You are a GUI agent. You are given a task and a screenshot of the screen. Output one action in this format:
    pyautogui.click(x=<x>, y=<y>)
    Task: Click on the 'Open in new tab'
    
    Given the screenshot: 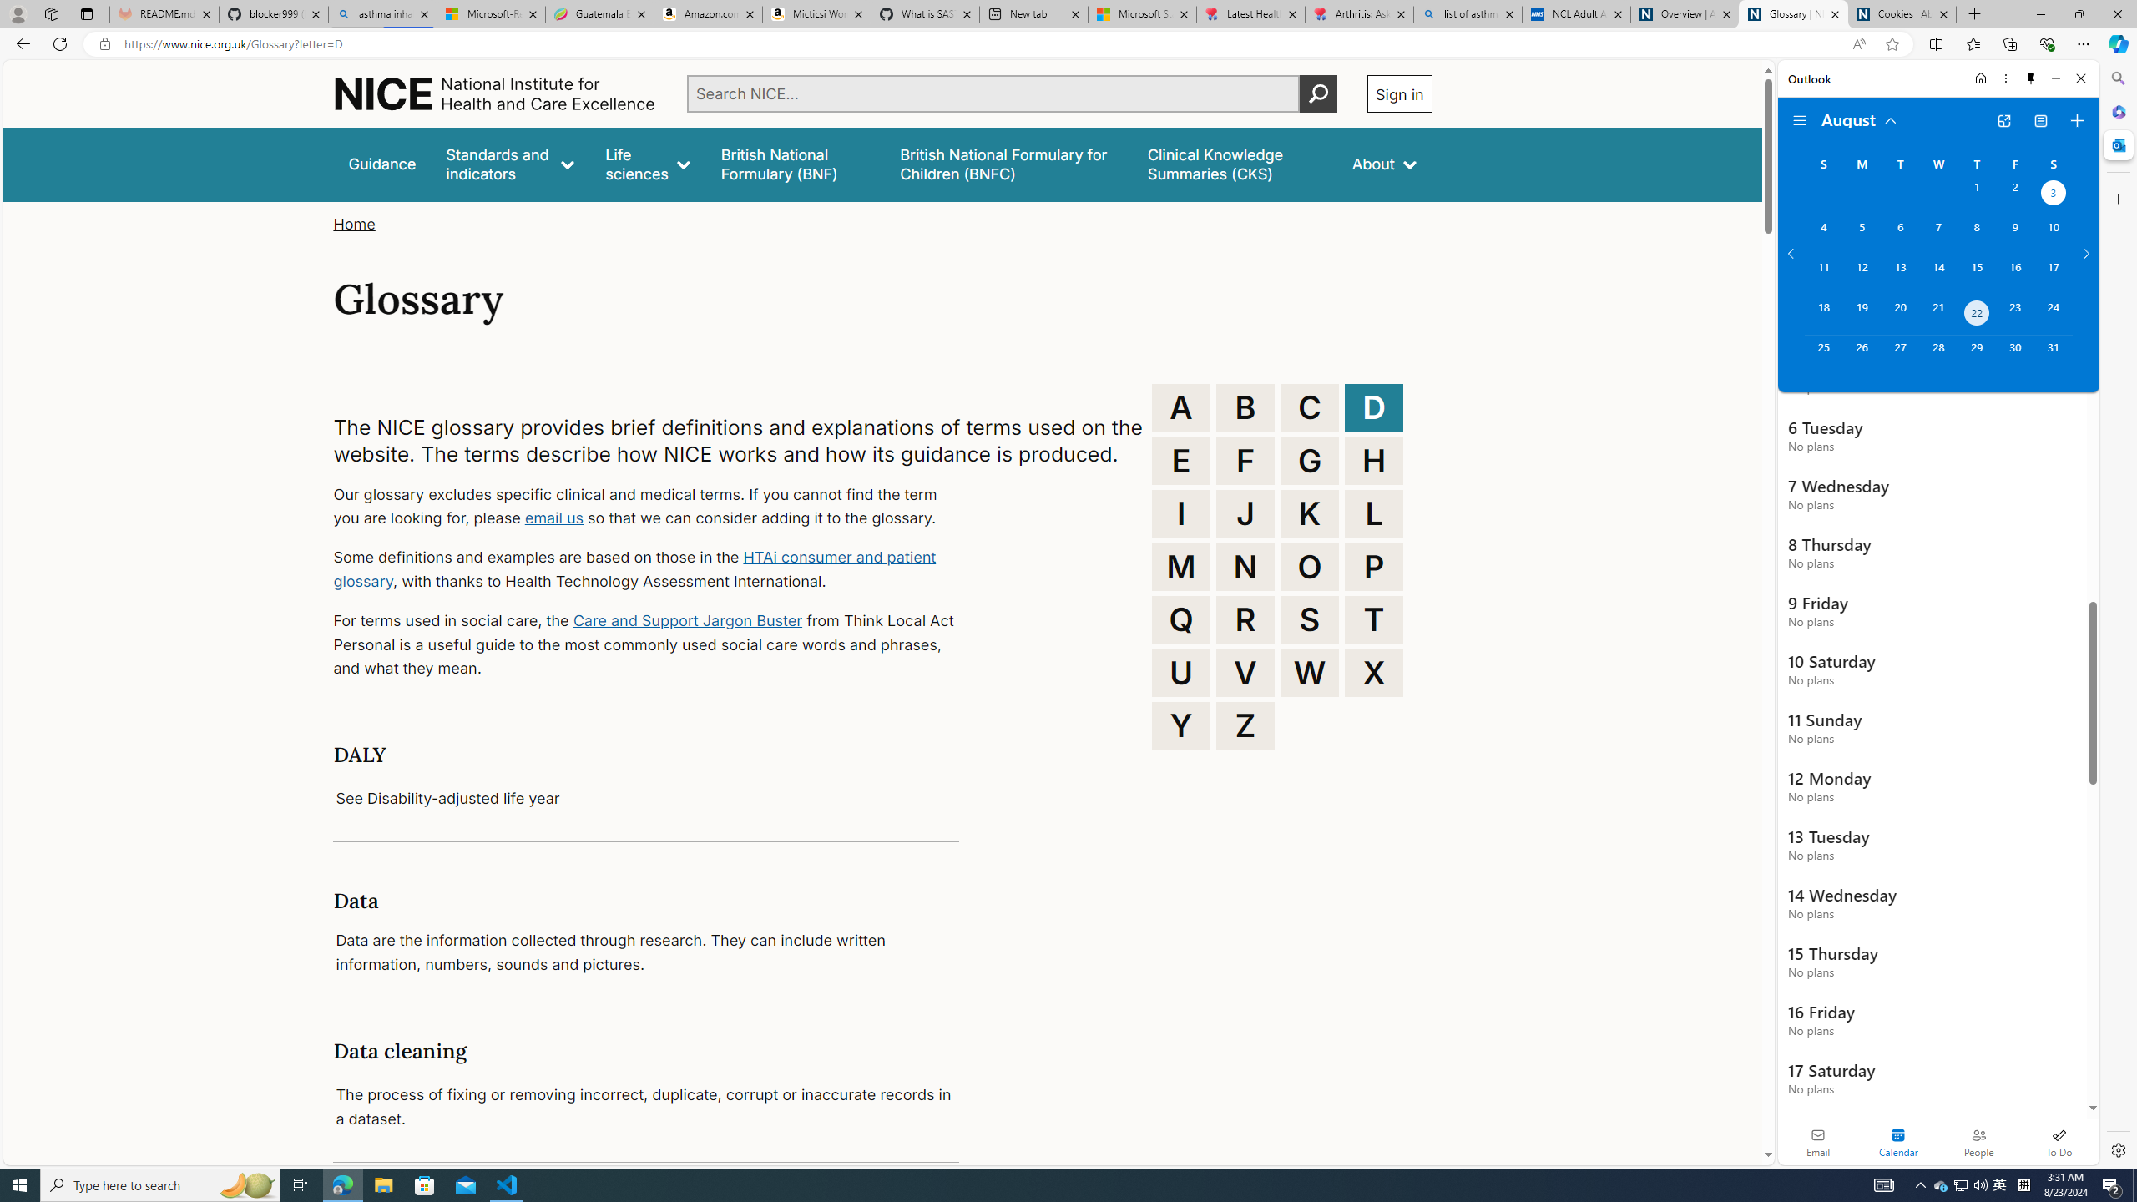 What is the action you would take?
    pyautogui.click(x=2004, y=121)
    